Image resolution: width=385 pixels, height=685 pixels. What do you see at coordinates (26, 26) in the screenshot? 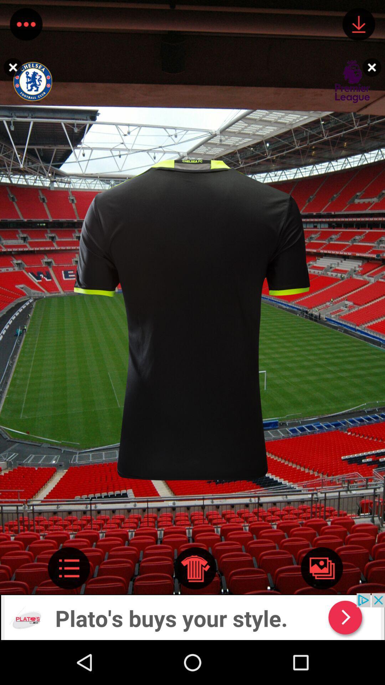
I see `the more icon` at bounding box center [26, 26].